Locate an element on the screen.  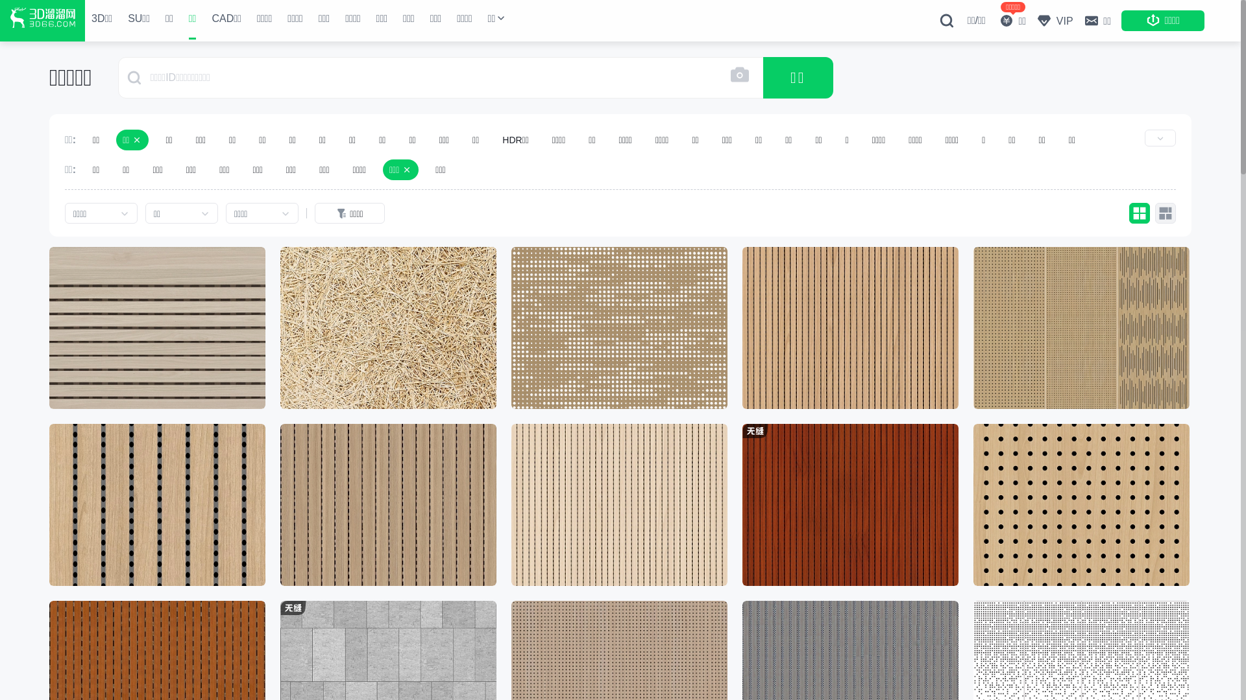
'VIP' is located at coordinates (1036, 20).